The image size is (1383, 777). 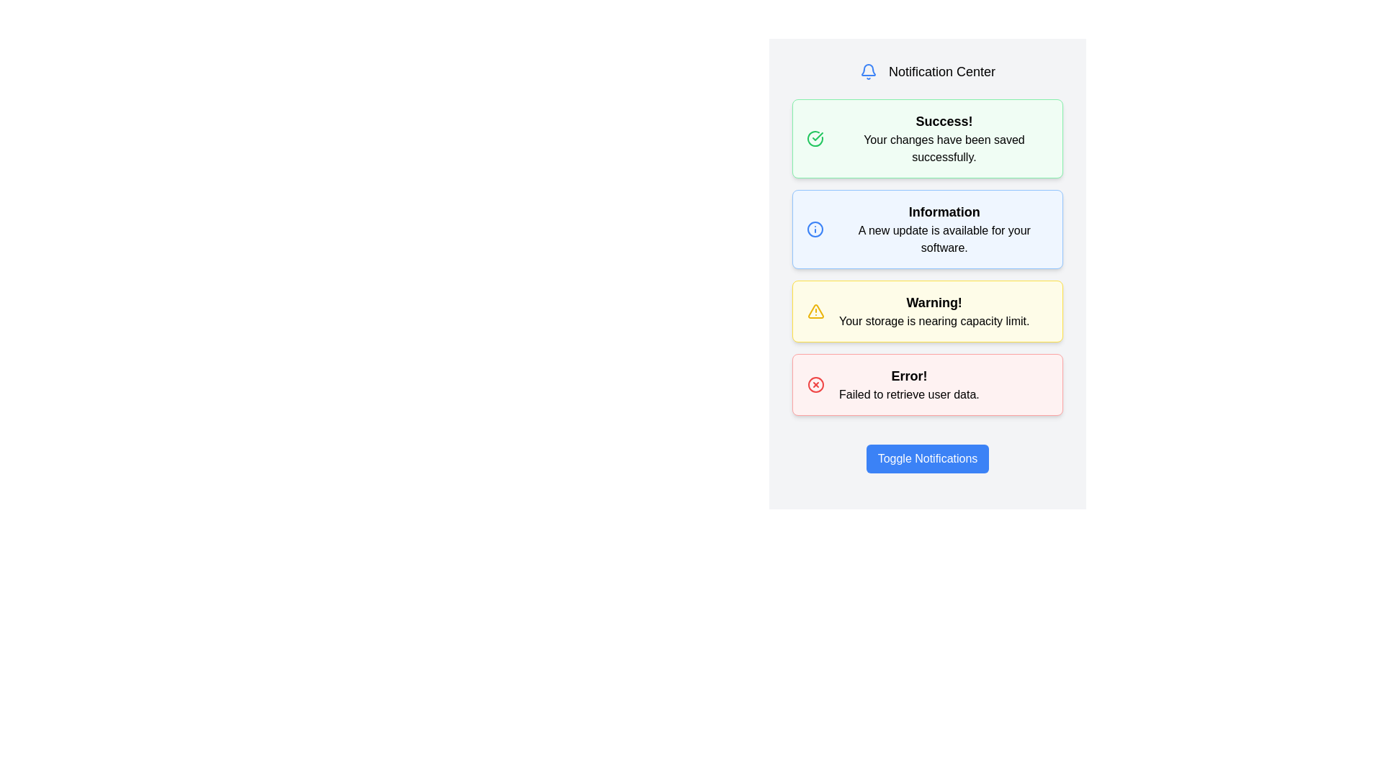 I want to click on the green circular icon with a checkmark located in the top-left of the green-highlighted 'Success!' notification area, which indicates that changes have been saved successfully, so click(x=815, y=138).